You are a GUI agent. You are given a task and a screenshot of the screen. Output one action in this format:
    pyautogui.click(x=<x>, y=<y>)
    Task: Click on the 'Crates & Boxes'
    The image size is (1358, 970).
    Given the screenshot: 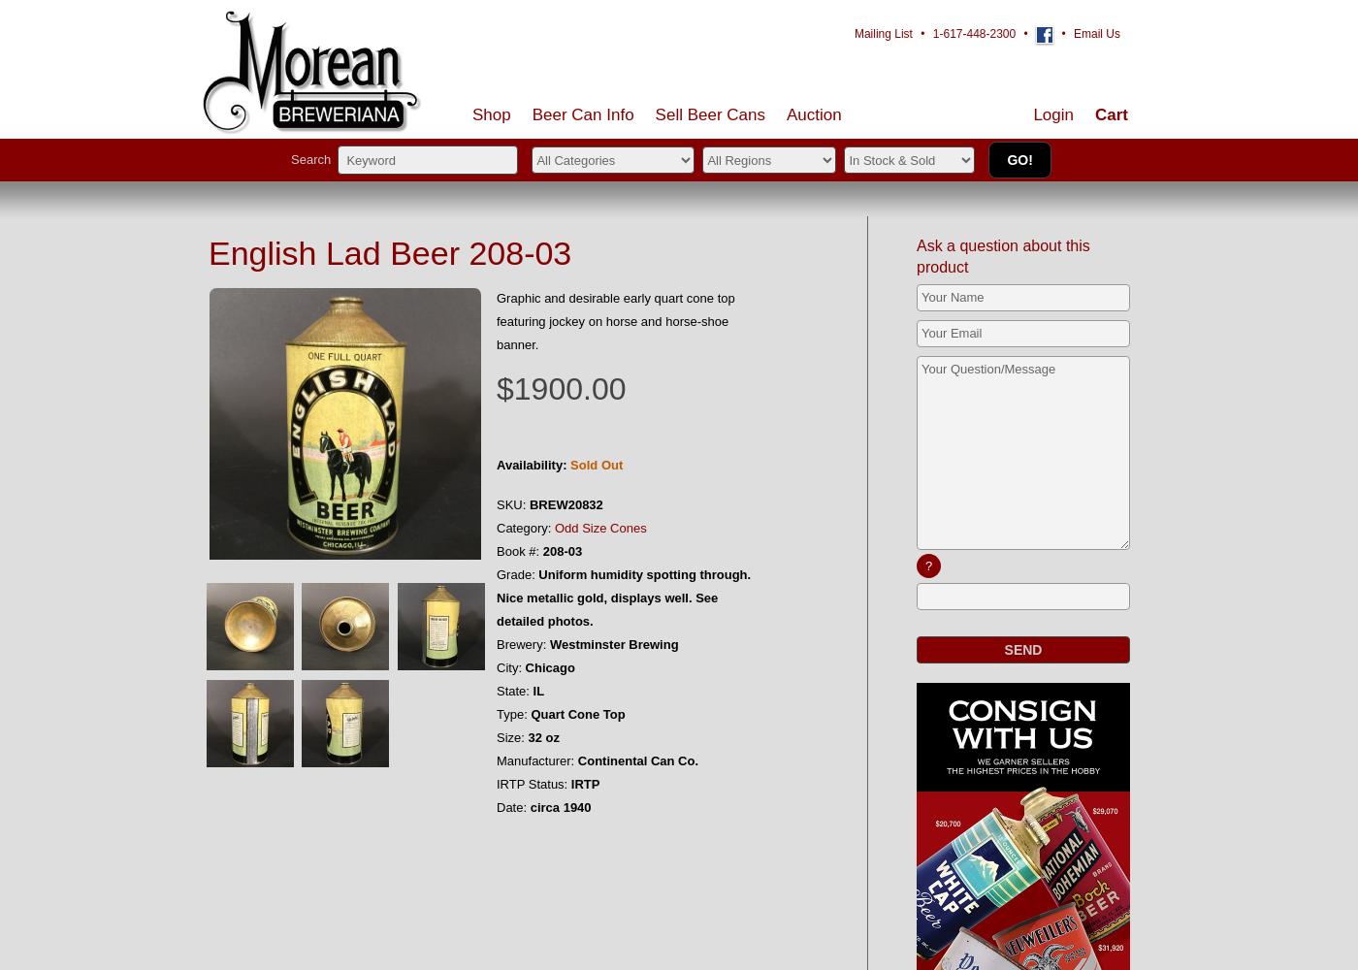 What is the action you would take?
    pyautogui.click(x=695, y=290)
    